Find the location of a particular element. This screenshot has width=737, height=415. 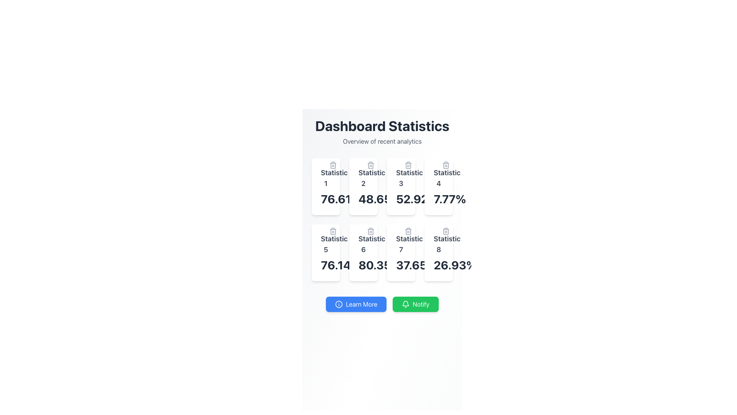

the Delete Icon, a small trash bin icon located at the top-right corner of the first statistical card labeled 'Statistic 1' in the grid under 'Dashboard Statistics' is located at coordinates (333, 164).